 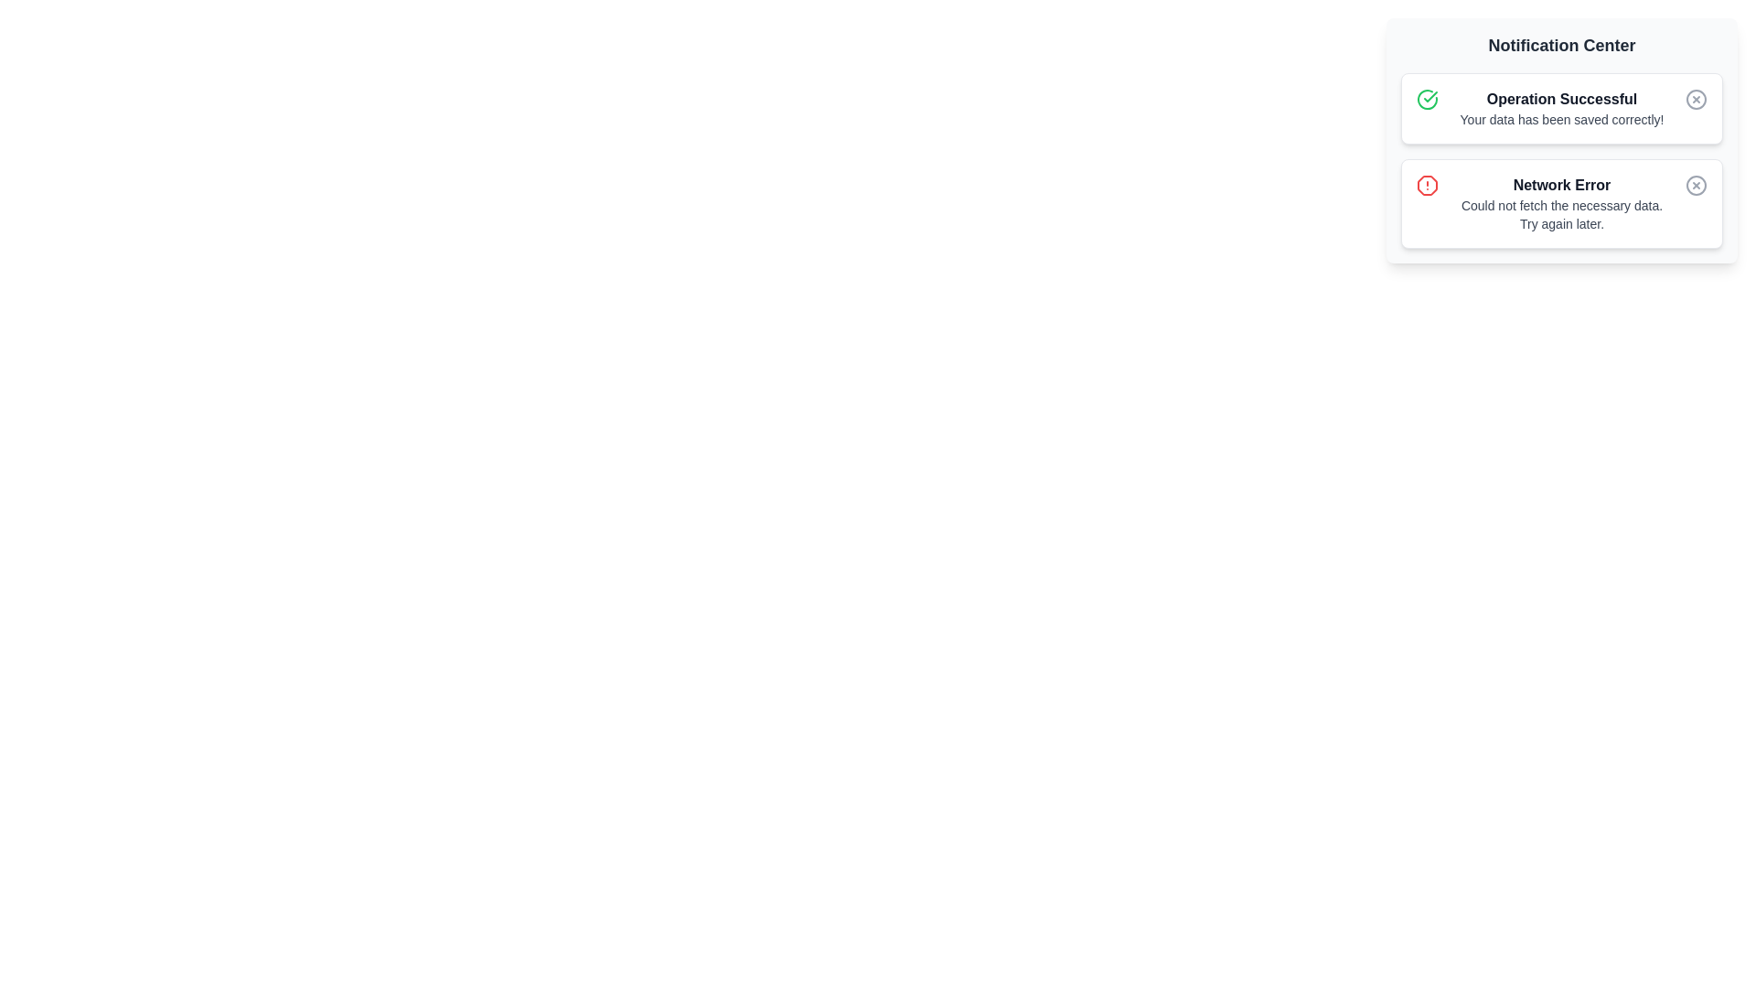 What do you see at coordinates (1426, 186) in the screenshot?
I see `the error state icon located in the 'Network Error' notification in the notification center, positioned to the far left of the notification box` at bounding box center [1426, 186].